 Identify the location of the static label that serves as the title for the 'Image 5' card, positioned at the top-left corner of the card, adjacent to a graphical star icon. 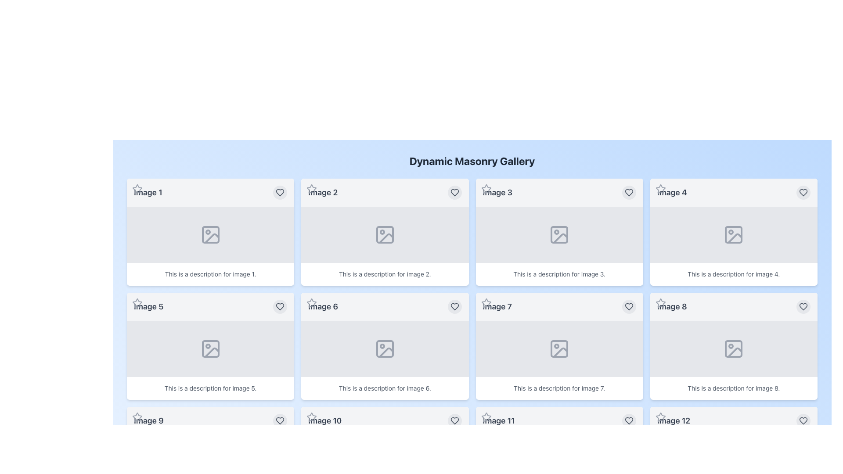
(148, 306).